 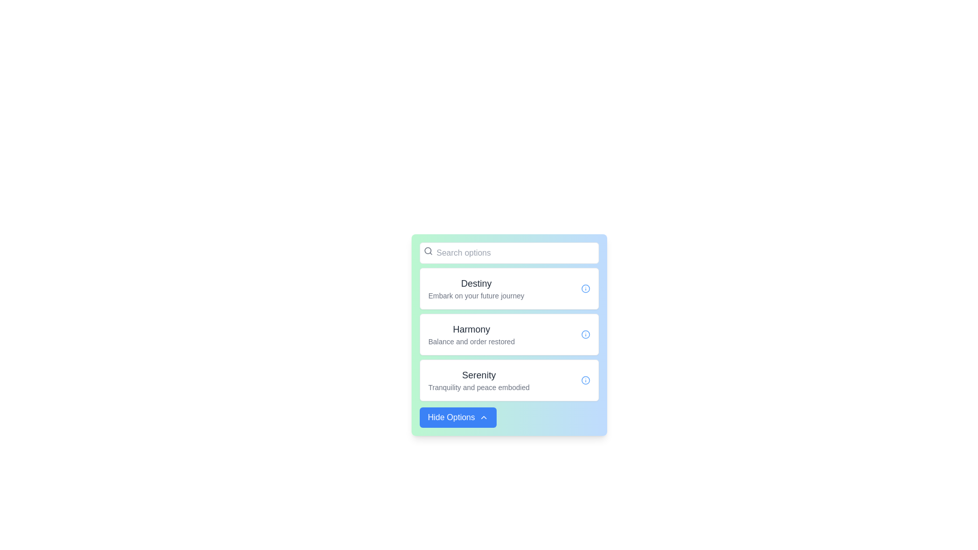 What do you see at coordinates (509, 334) in the screenshot?
I see `the second item in the dropdown list labeled 'Harmony', which has a bold black font and a grey descriptive line` at bounding box center [509, 334].